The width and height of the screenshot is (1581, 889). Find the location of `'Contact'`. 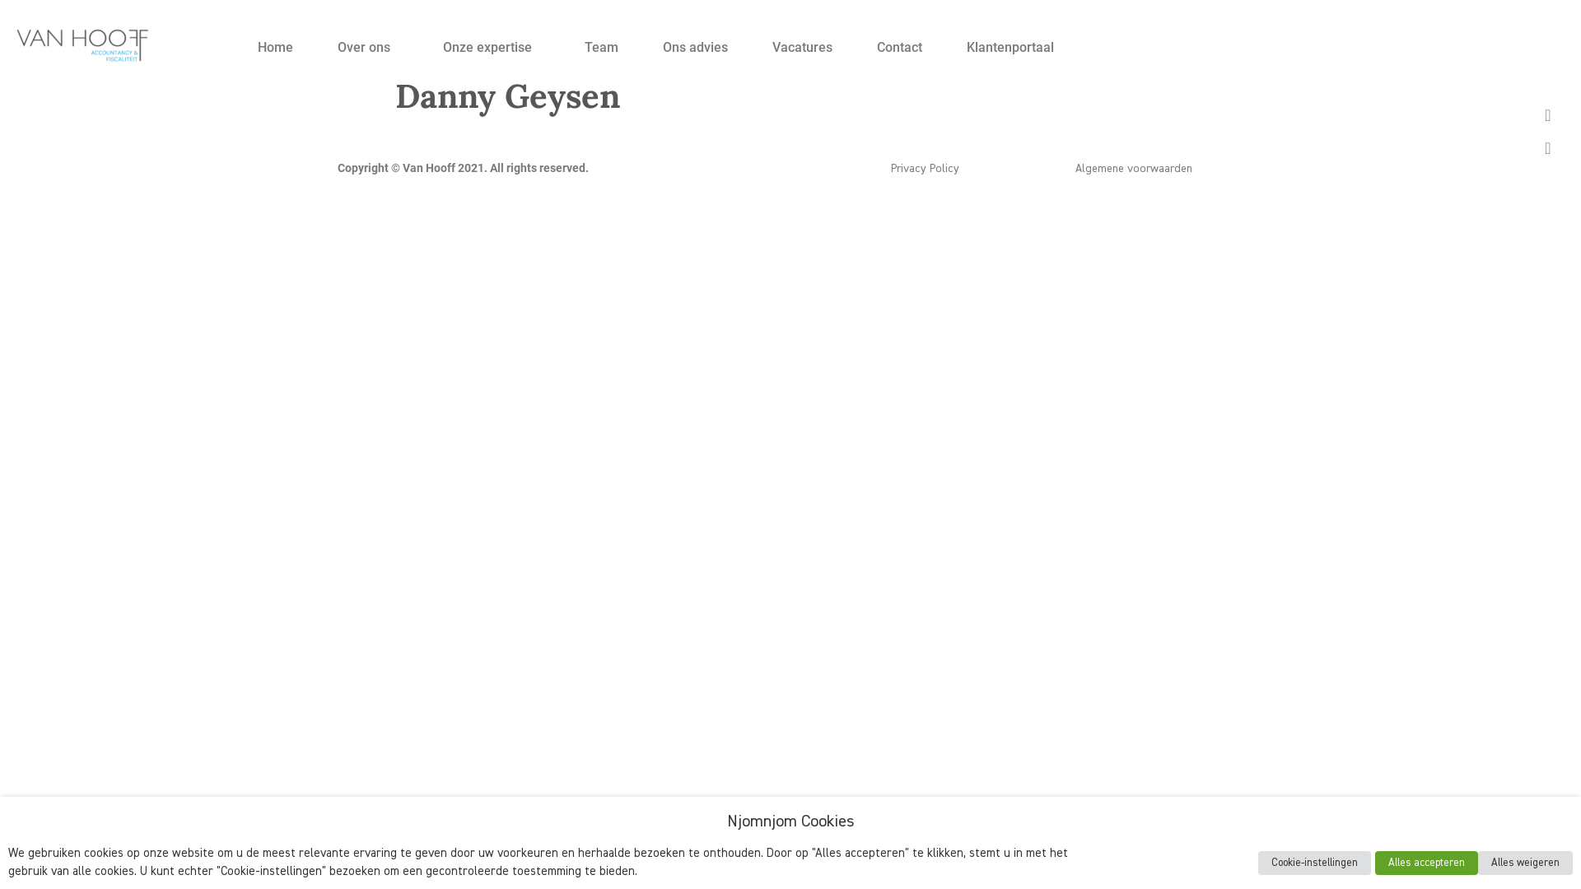

'Contact' is located at coordinates (898, 46).